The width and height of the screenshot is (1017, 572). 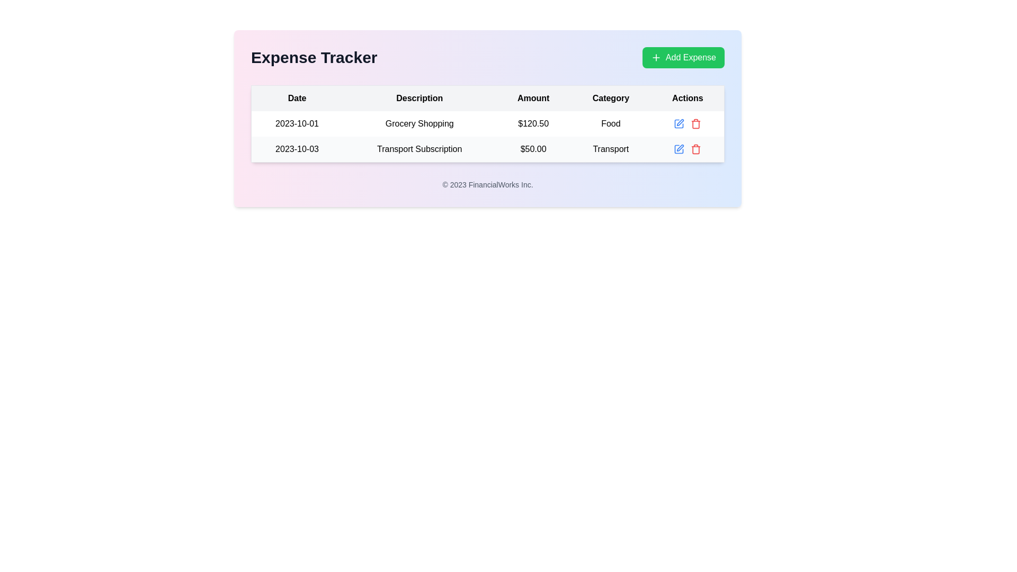 What do you see at coordinates (297, 98) in the screenshot?
I see `the 'Date' text label, which is the first column header in a table, styled with bold font and centered alignment` at bounding box center [297, 98].